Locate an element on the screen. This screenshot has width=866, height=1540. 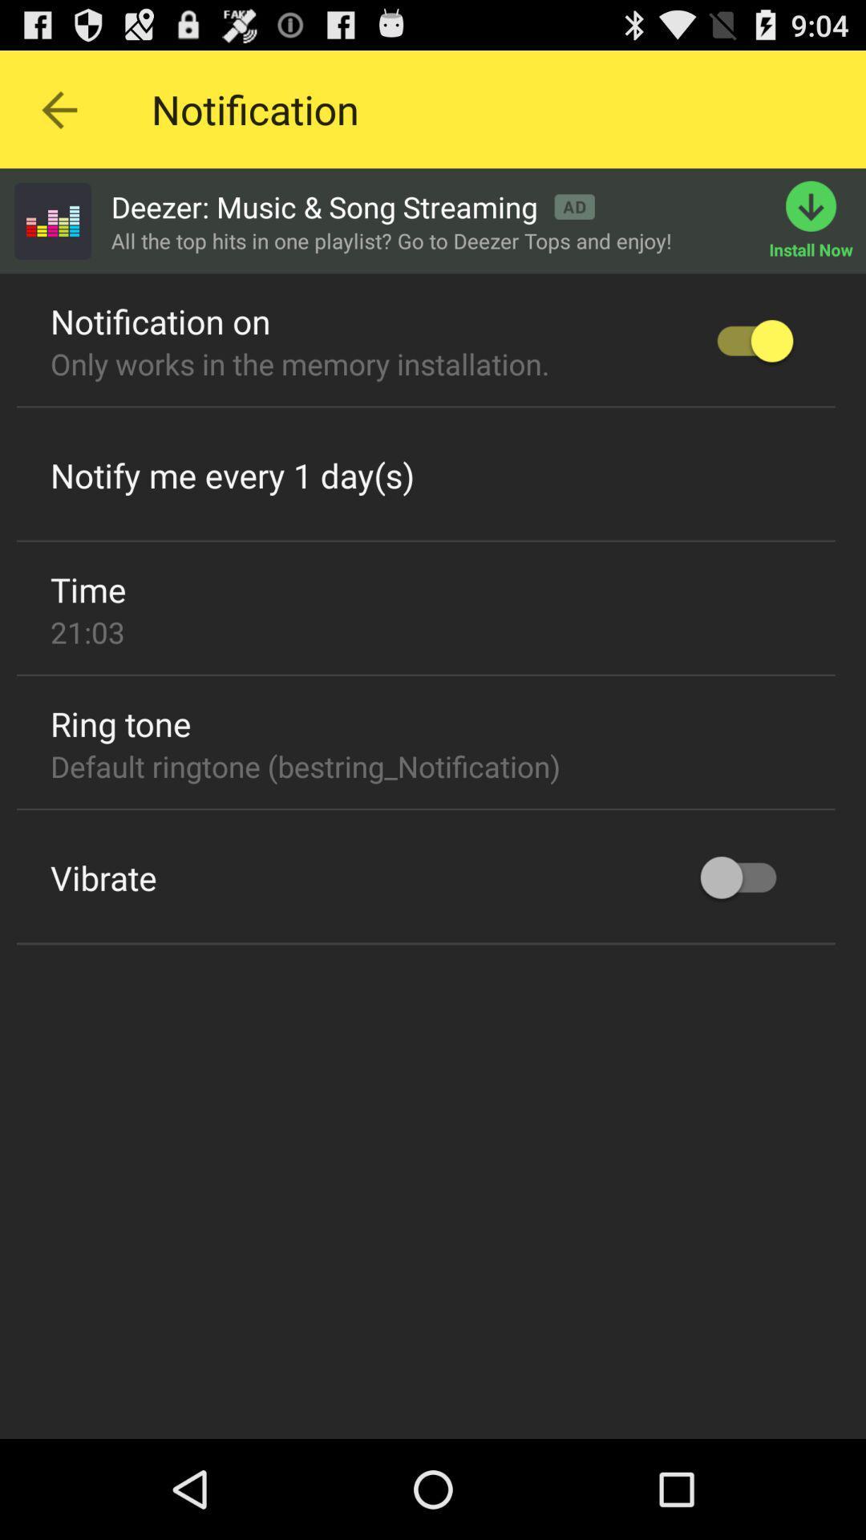
item above the only works in item is located at coordinates (160, 321).